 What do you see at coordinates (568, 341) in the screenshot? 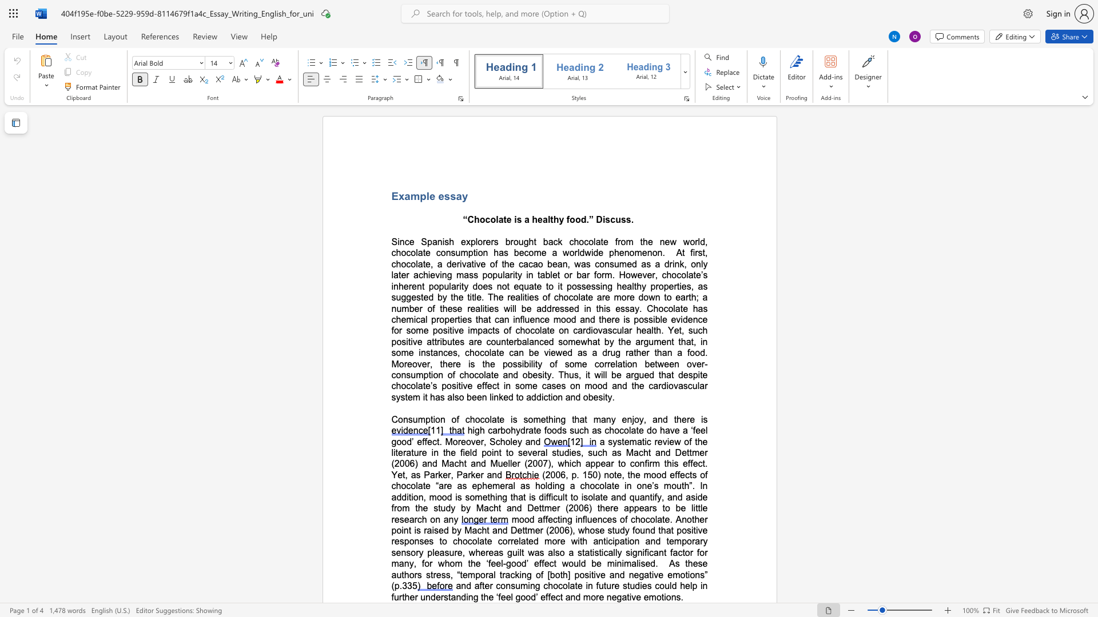
I see `the subset text "mewha" within the text "somewhat by"` at bounding box center [568, 341].